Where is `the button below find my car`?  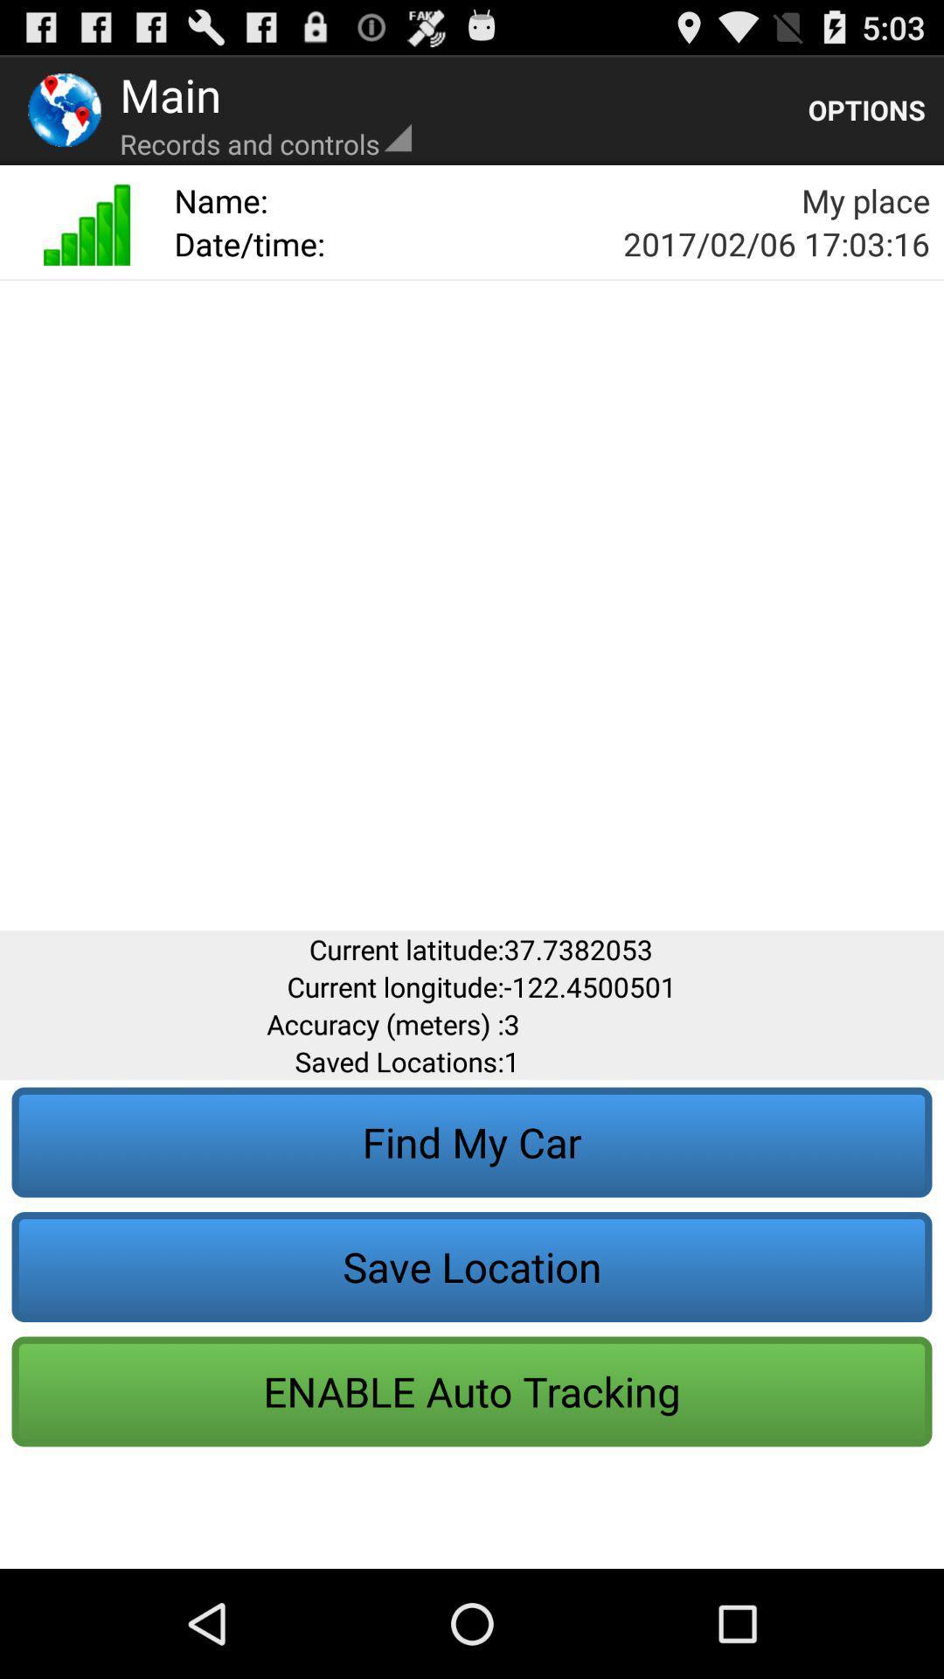 the button below find my car is located at coordinates (472, 1267).